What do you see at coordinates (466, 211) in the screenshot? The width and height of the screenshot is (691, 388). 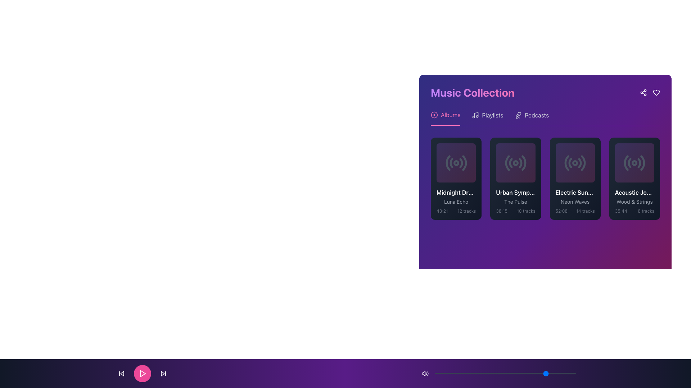 I see `the text label displaying '12 tracks', which is styled in a small, gray sans-serif font and located under the album card 'Midnight Dreams', adjacent to the sibling text '43:21'` at bounding box center [466, 211].